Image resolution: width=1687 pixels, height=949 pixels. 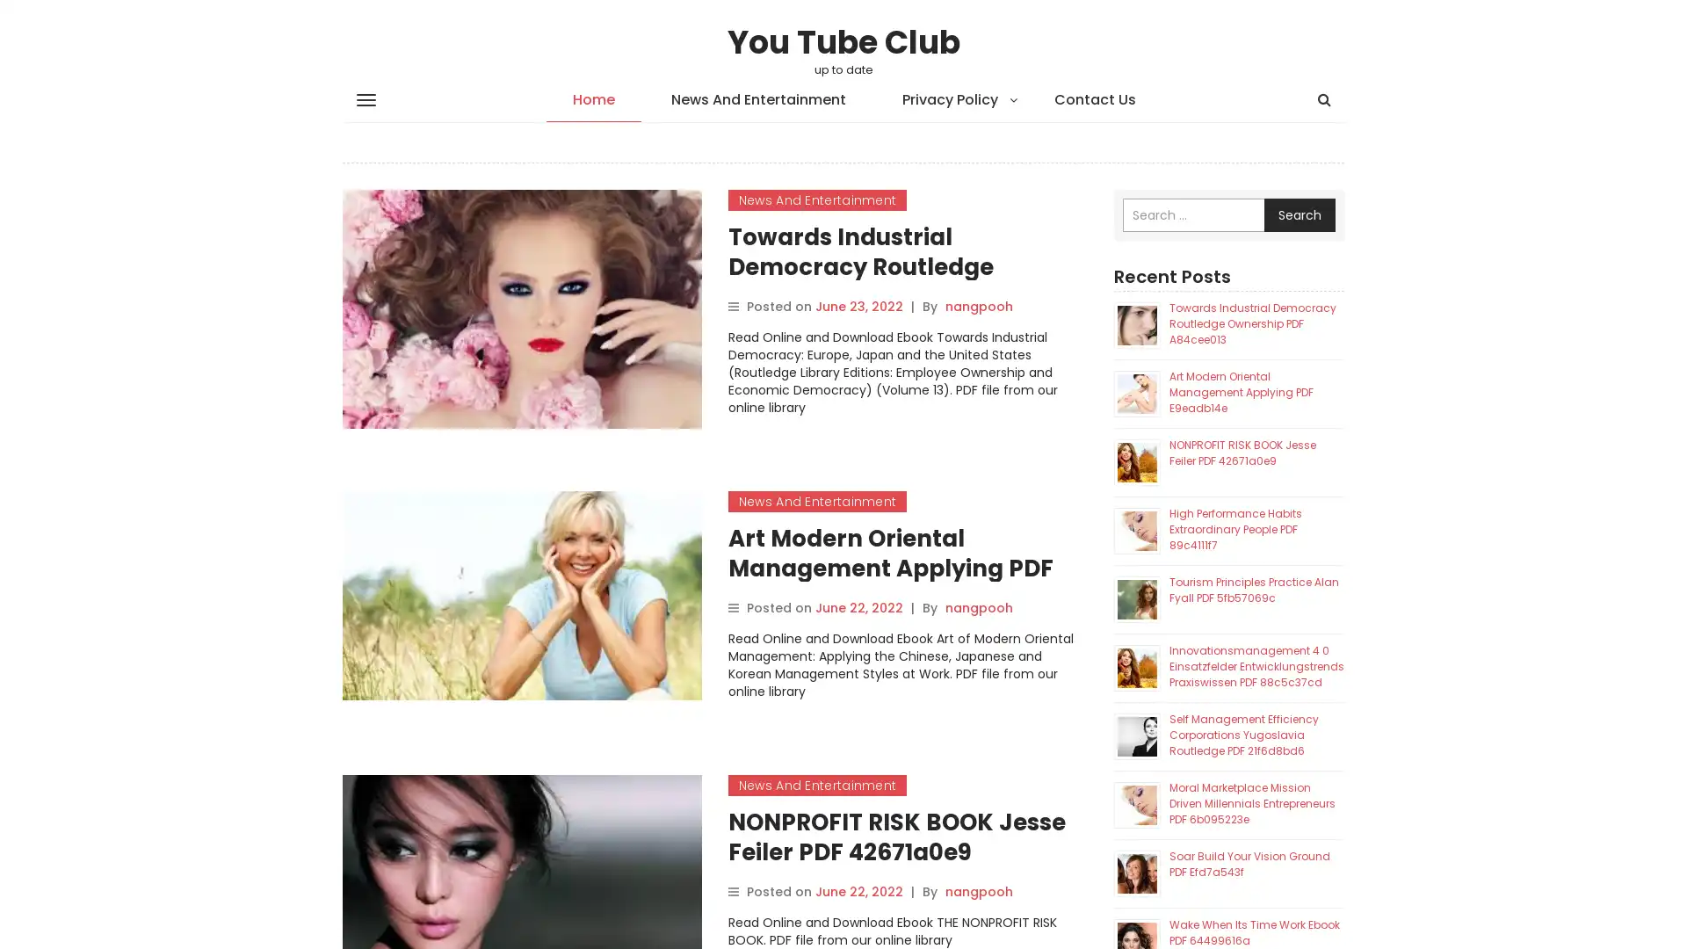 What do you see at coordinates (1300, 214) in the screenshot?
I see `Search` at bounding box center [1300, 214].